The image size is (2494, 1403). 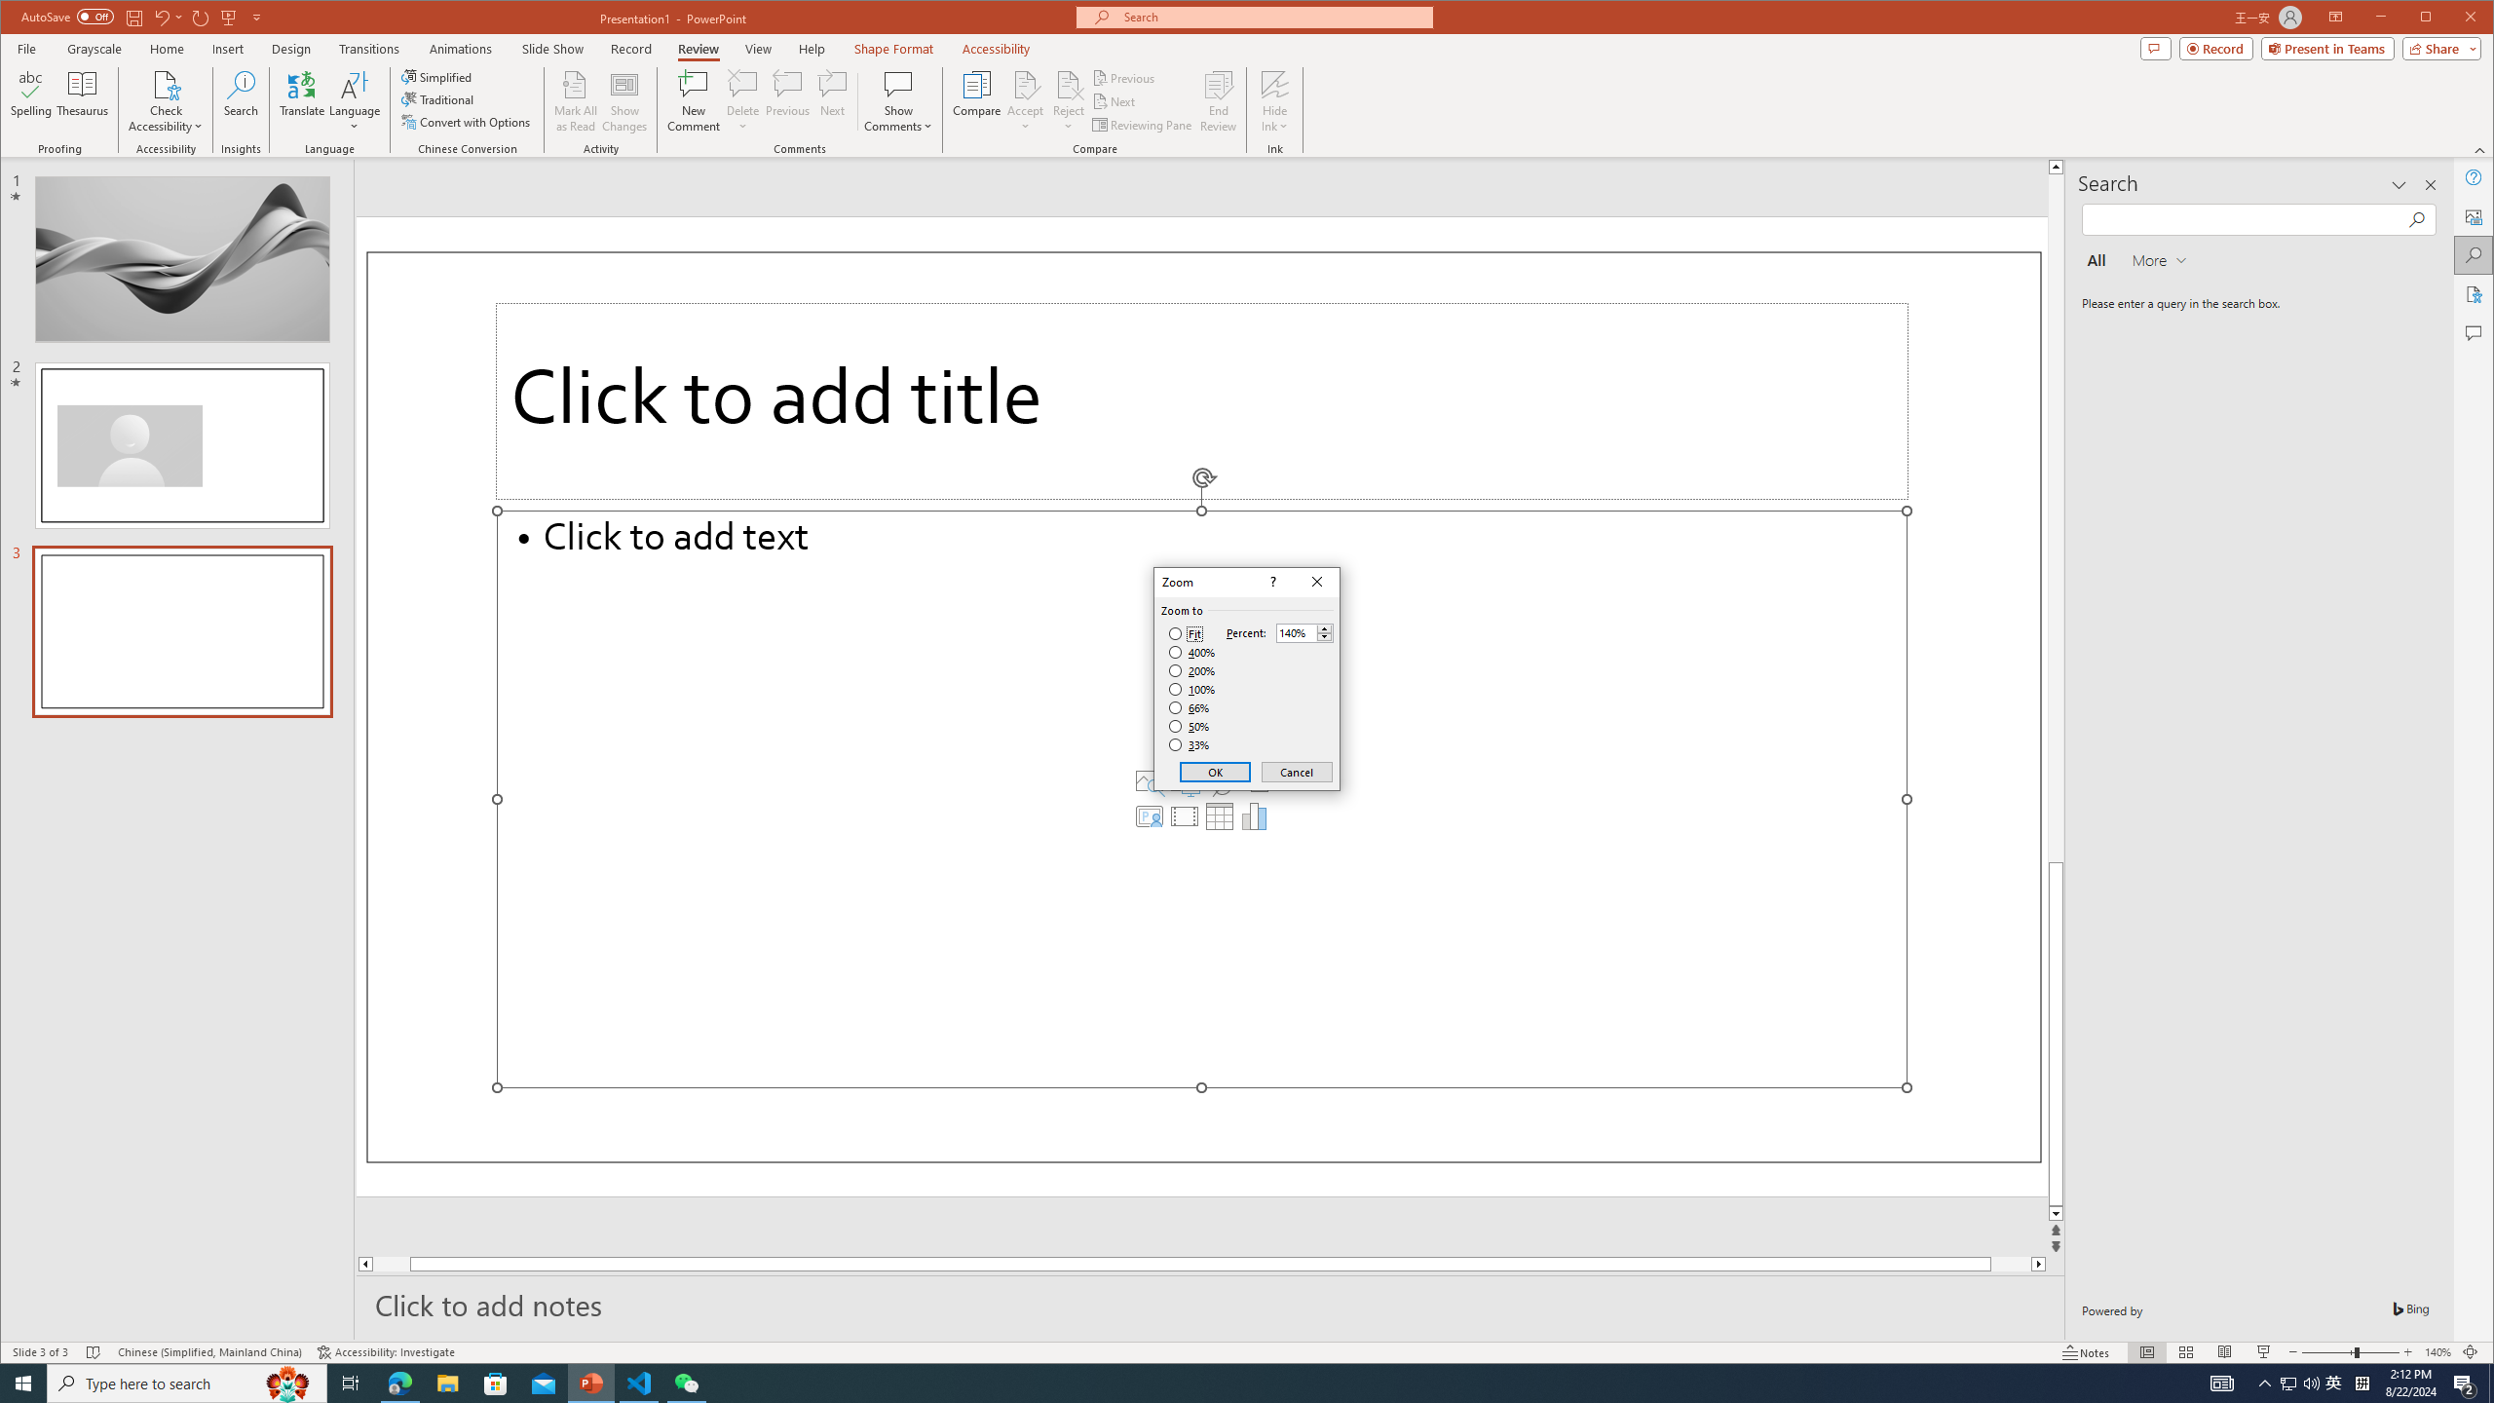 I want to click on '100%', so click(x=1191, y=688).